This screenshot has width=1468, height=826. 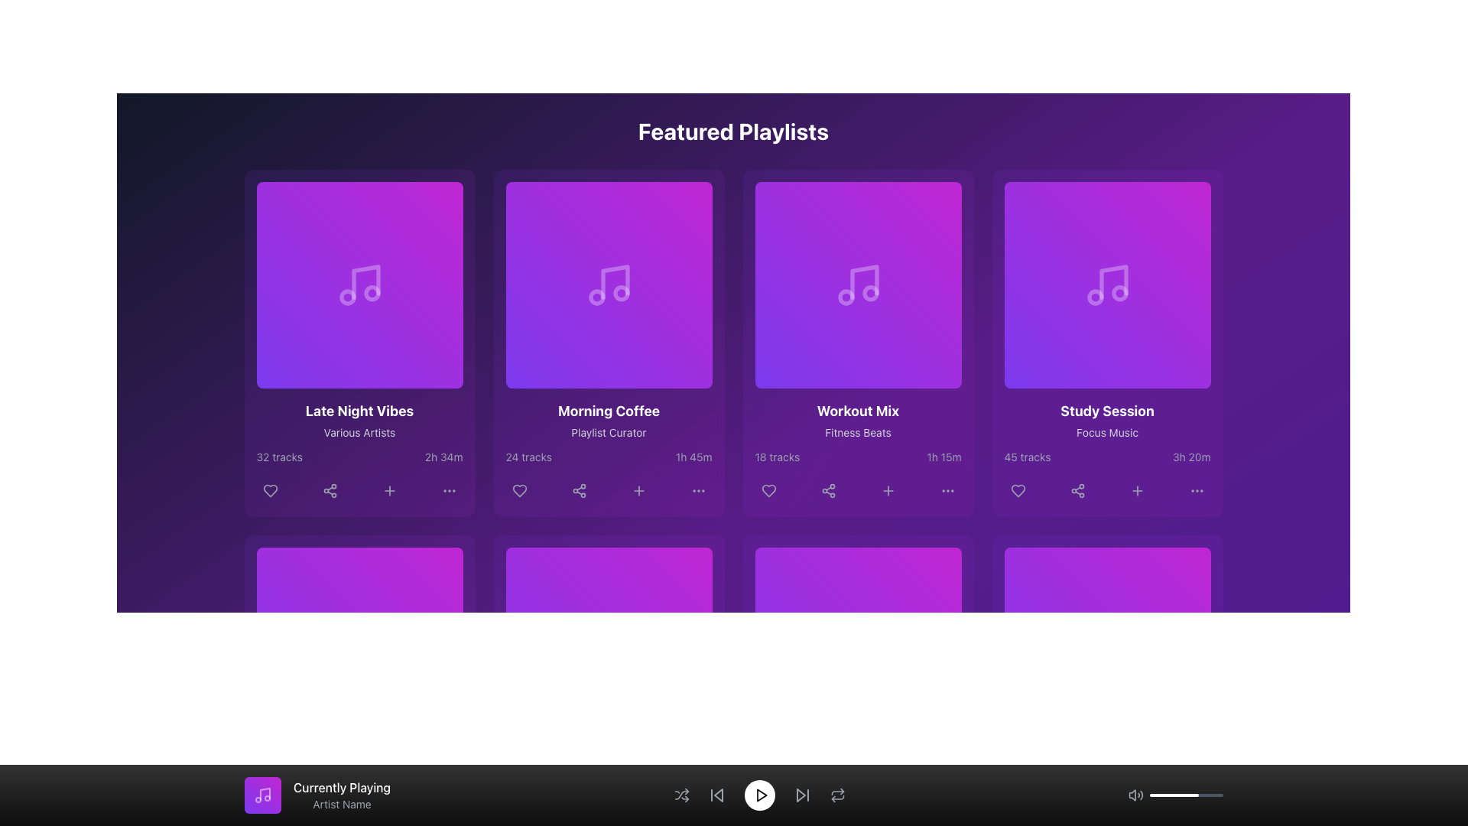 What do you see at coordinates (621, 293) in the screenshot?
I see `the small circular graphical element that is part of the music note icon` at bounding box center [621, 293].